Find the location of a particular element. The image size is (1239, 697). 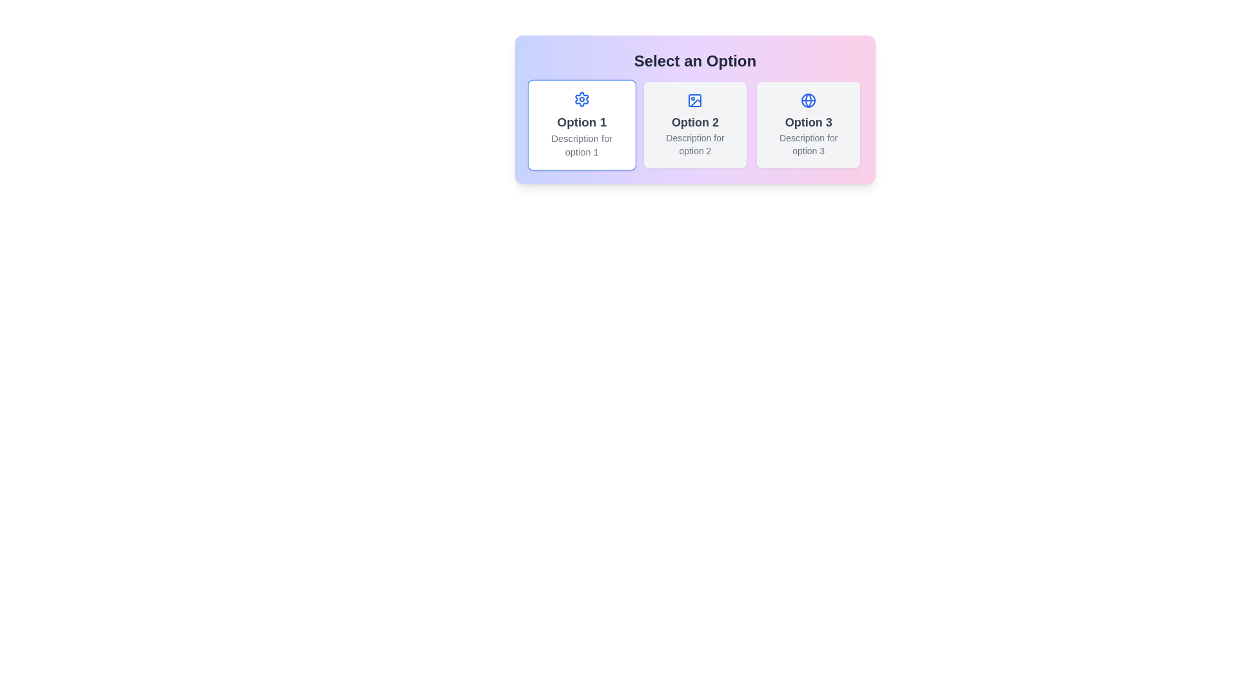

the descriptive text element reading 'Description for option 3', which is located below the heading 'Option 3' in the third selectable box of the horizontal selection panel is located at coordinates (808, 144).